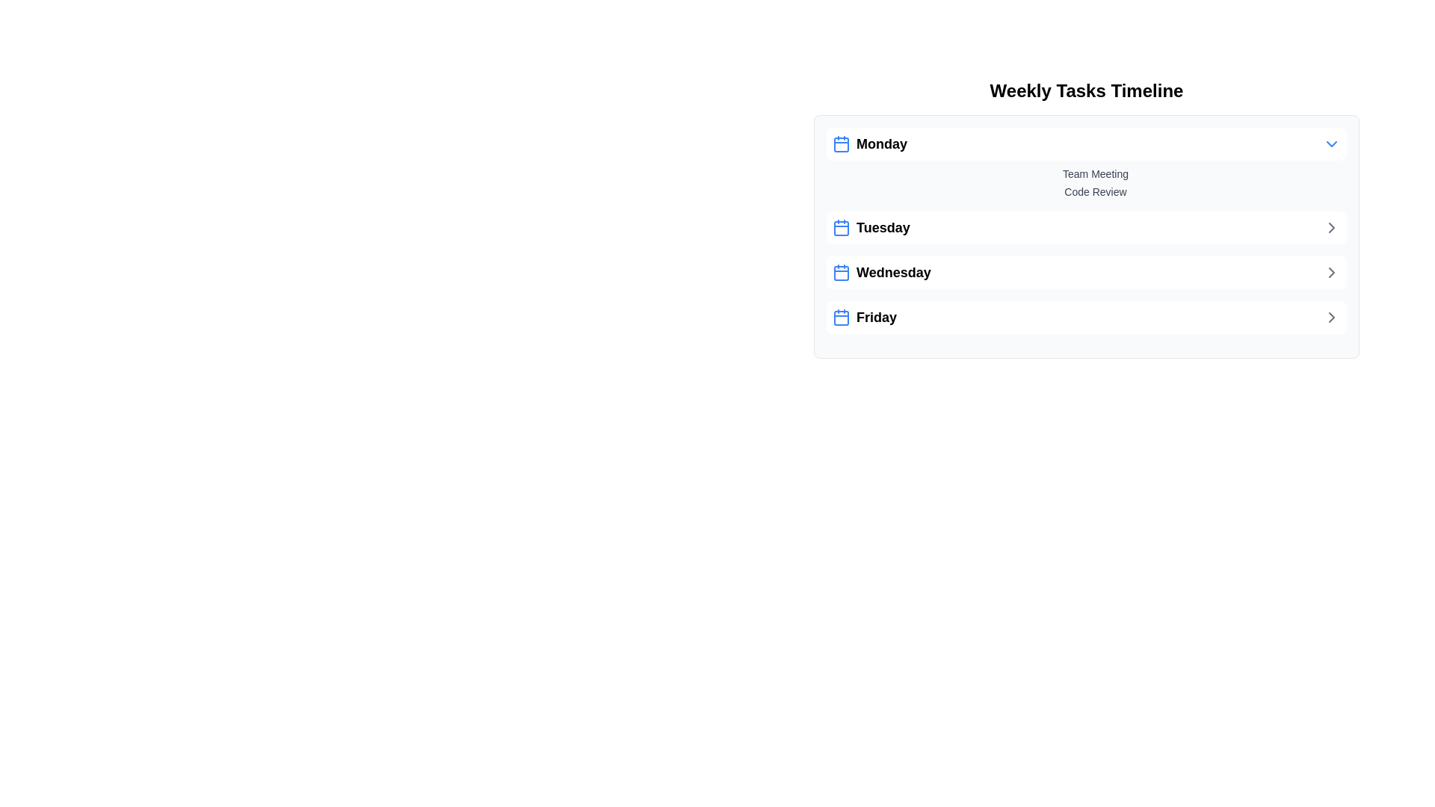 The width and height of the screenshot is (1435, 807). I want to click on the 'Monday' text with adjacent calendar icon element, so click(870, 143).